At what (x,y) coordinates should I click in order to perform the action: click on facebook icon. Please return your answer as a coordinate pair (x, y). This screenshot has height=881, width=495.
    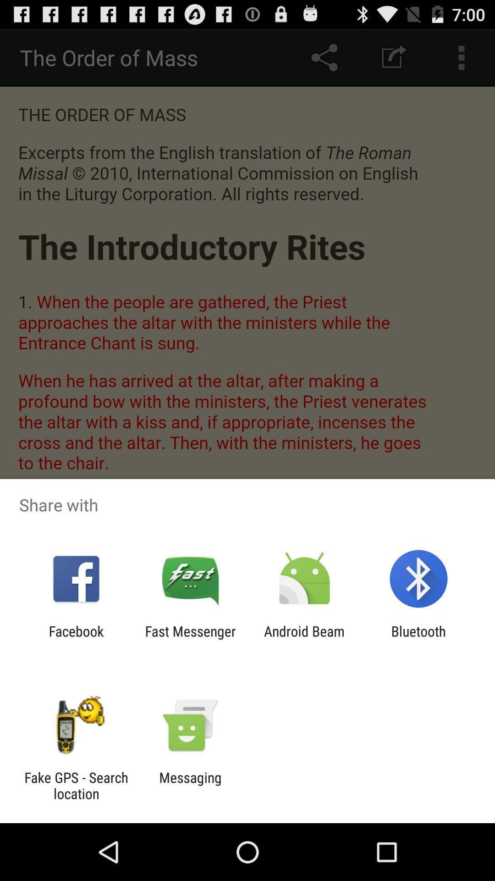
    Looking at the image, I should click on (76, 639).